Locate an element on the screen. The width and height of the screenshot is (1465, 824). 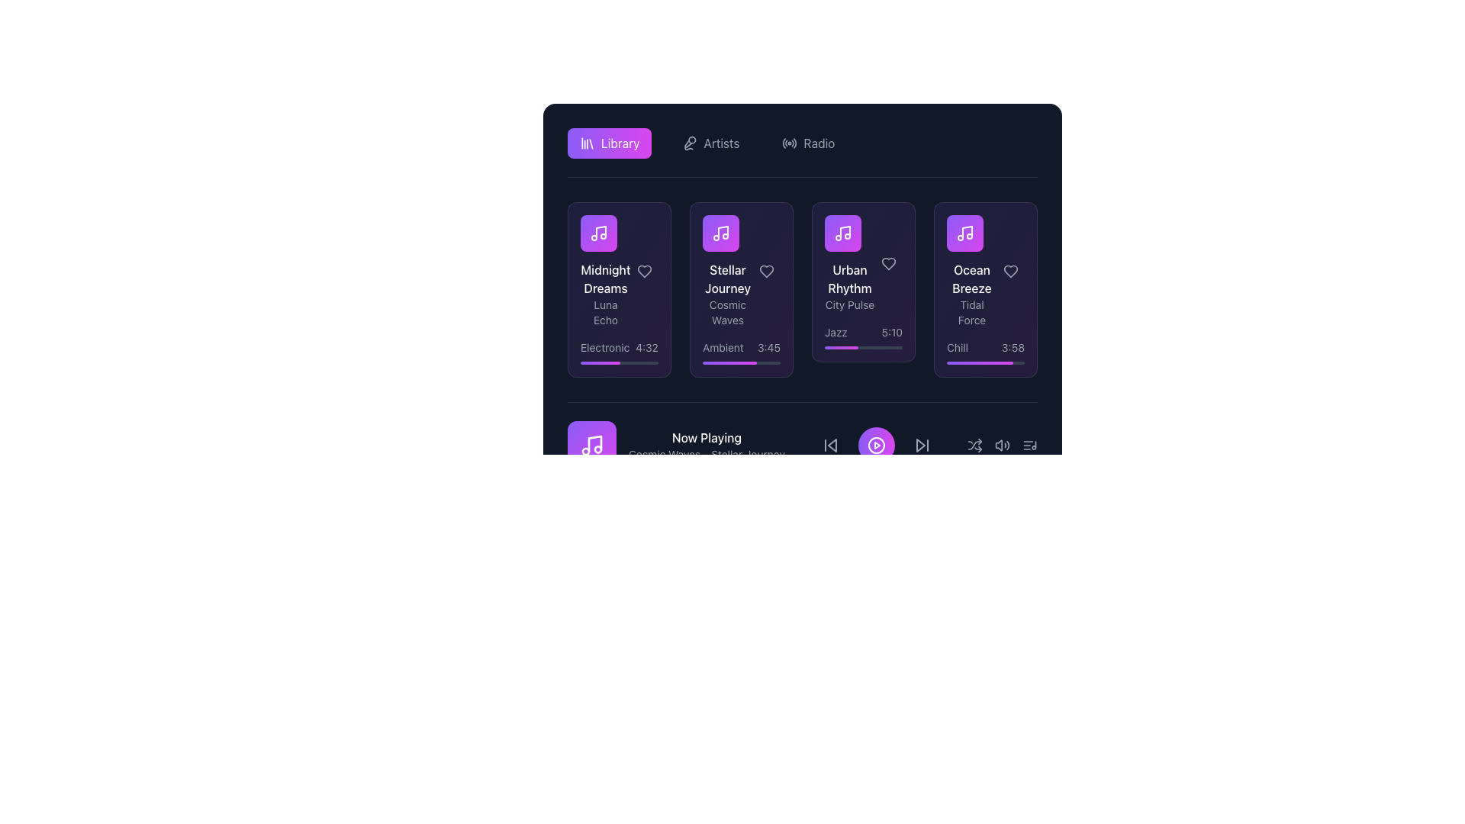
the text field element that provides metadata about the associated music track, located at the bottom center of the music card is located at coordinates (619, 347).